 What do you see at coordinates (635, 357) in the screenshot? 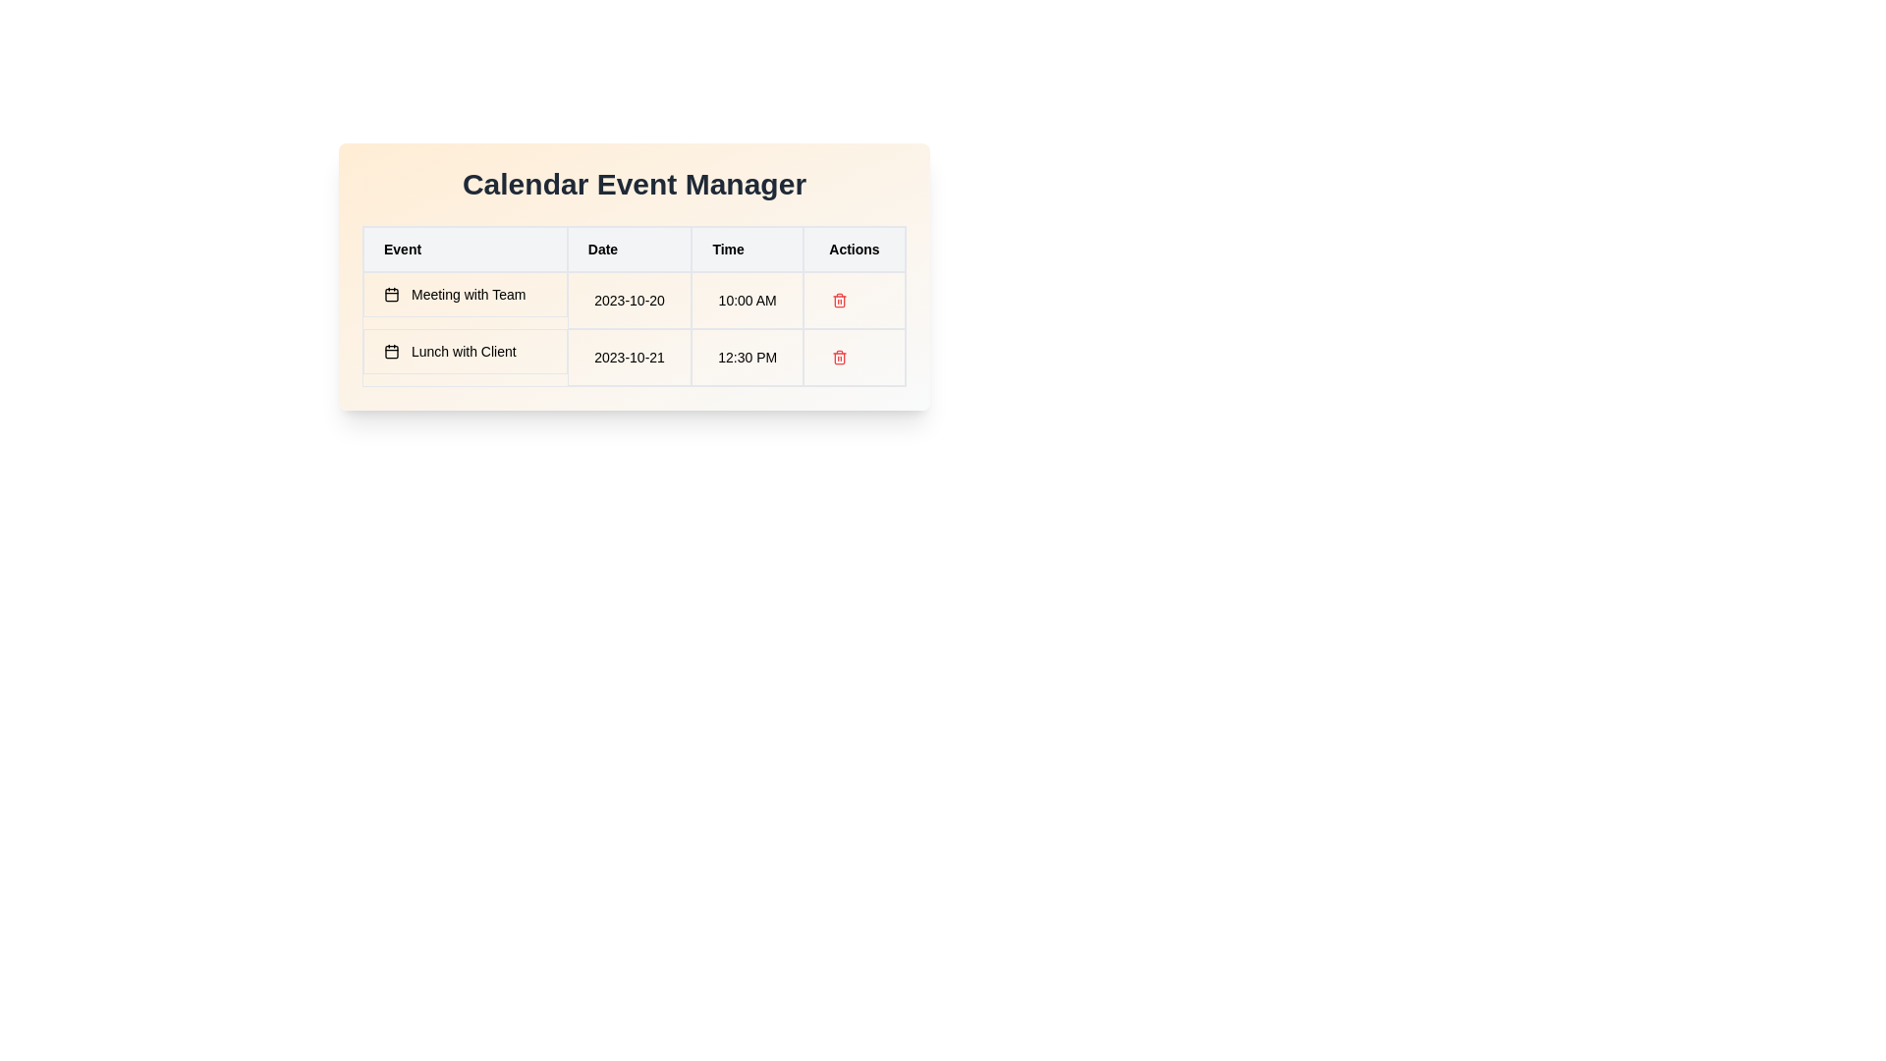
I see `the second row of the Calendar Event Manager that displays the event 'Lunch with Client' for additional actions or highlighting` at bounding box center [635, 357].